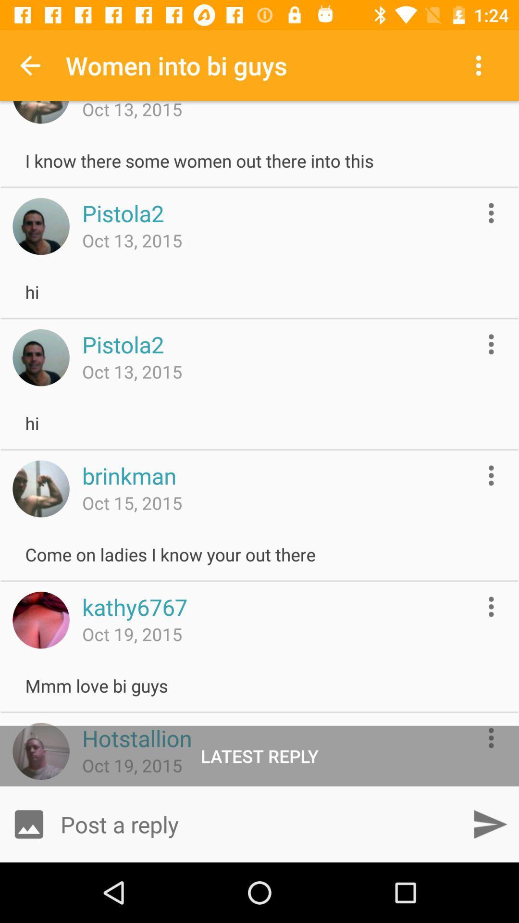 This screenshot has height=923, width=519. I want to click on connect to user, so click(40, 751).